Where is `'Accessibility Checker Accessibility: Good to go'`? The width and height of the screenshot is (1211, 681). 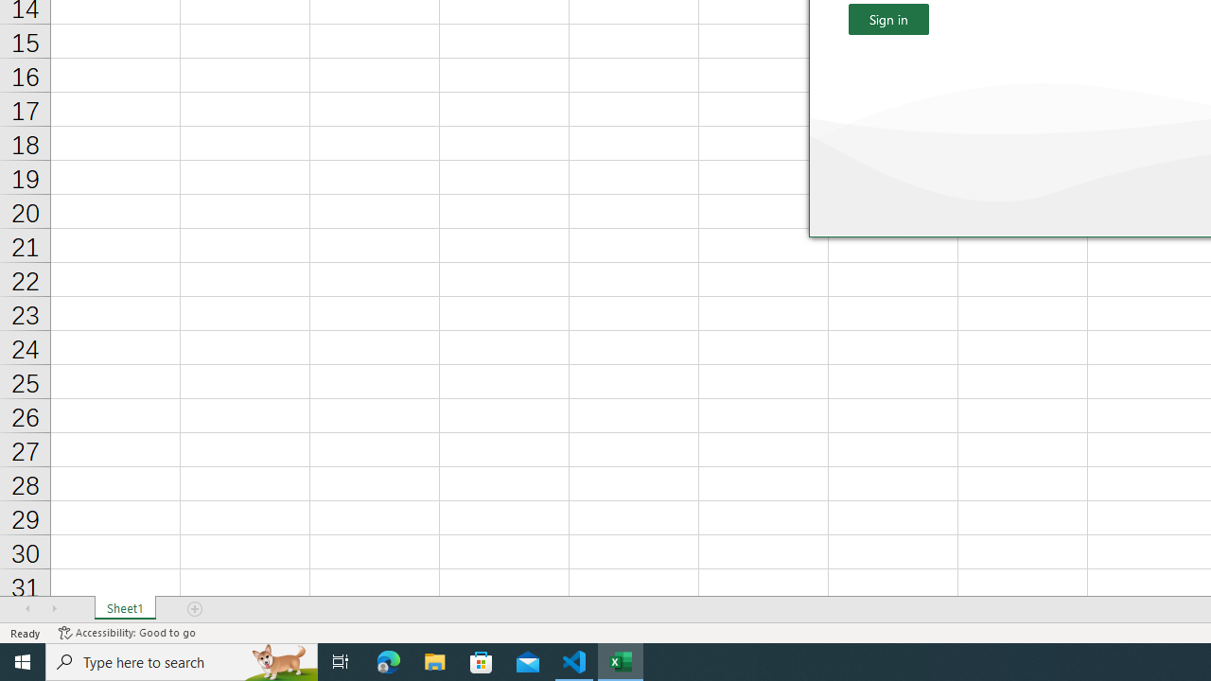 'Accessibility Checker Accessibility: Good to go' is located at coordinates (126, 633).